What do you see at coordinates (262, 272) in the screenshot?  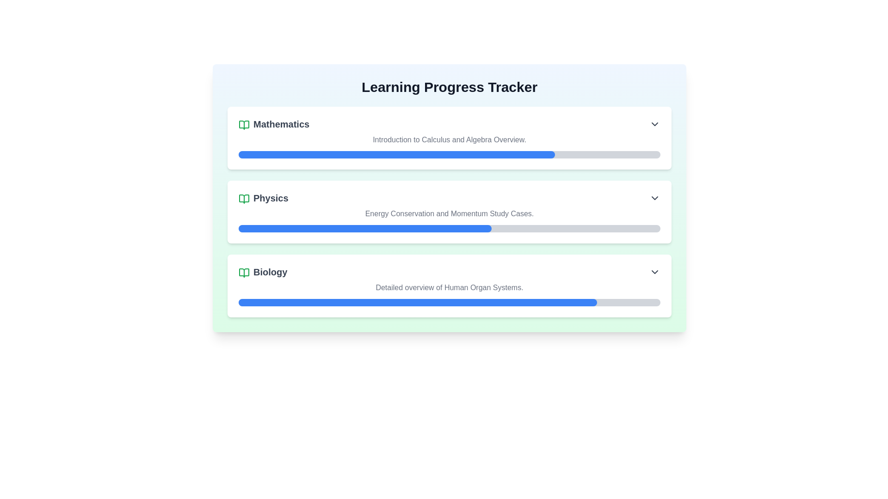 I see `text content of the bold label displaying 'Biology' located in the lower section of the 'Learning Progress Tracker' list, adjacent to a green book icon` at bounding box center [262, 272].